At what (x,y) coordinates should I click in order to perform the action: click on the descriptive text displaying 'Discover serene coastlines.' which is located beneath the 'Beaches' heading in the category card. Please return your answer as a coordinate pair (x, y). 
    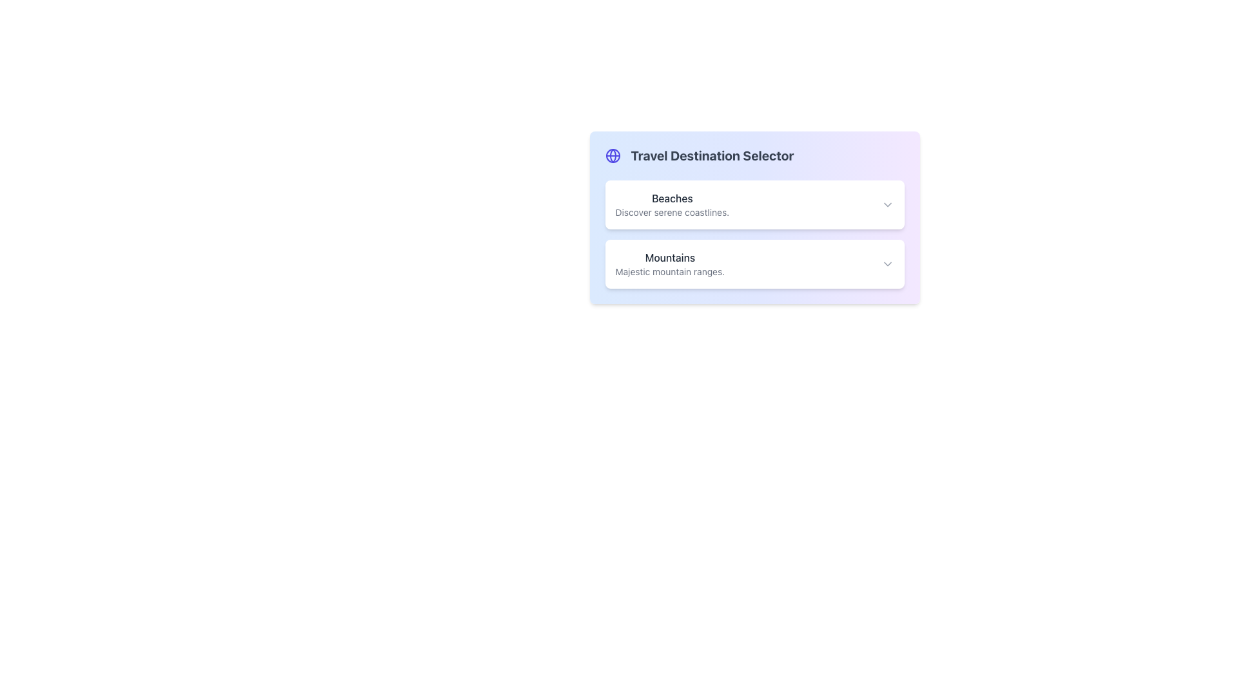
    Looking at the image, I should click on (671, 212).